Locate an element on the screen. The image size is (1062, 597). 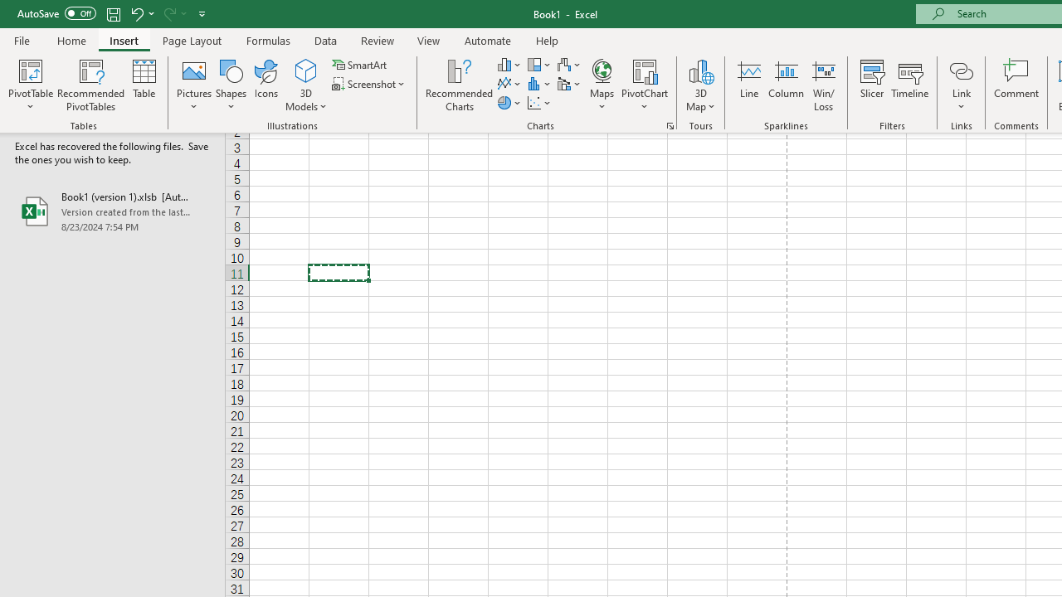
'File Tab' is located at coordinates (22, 39).